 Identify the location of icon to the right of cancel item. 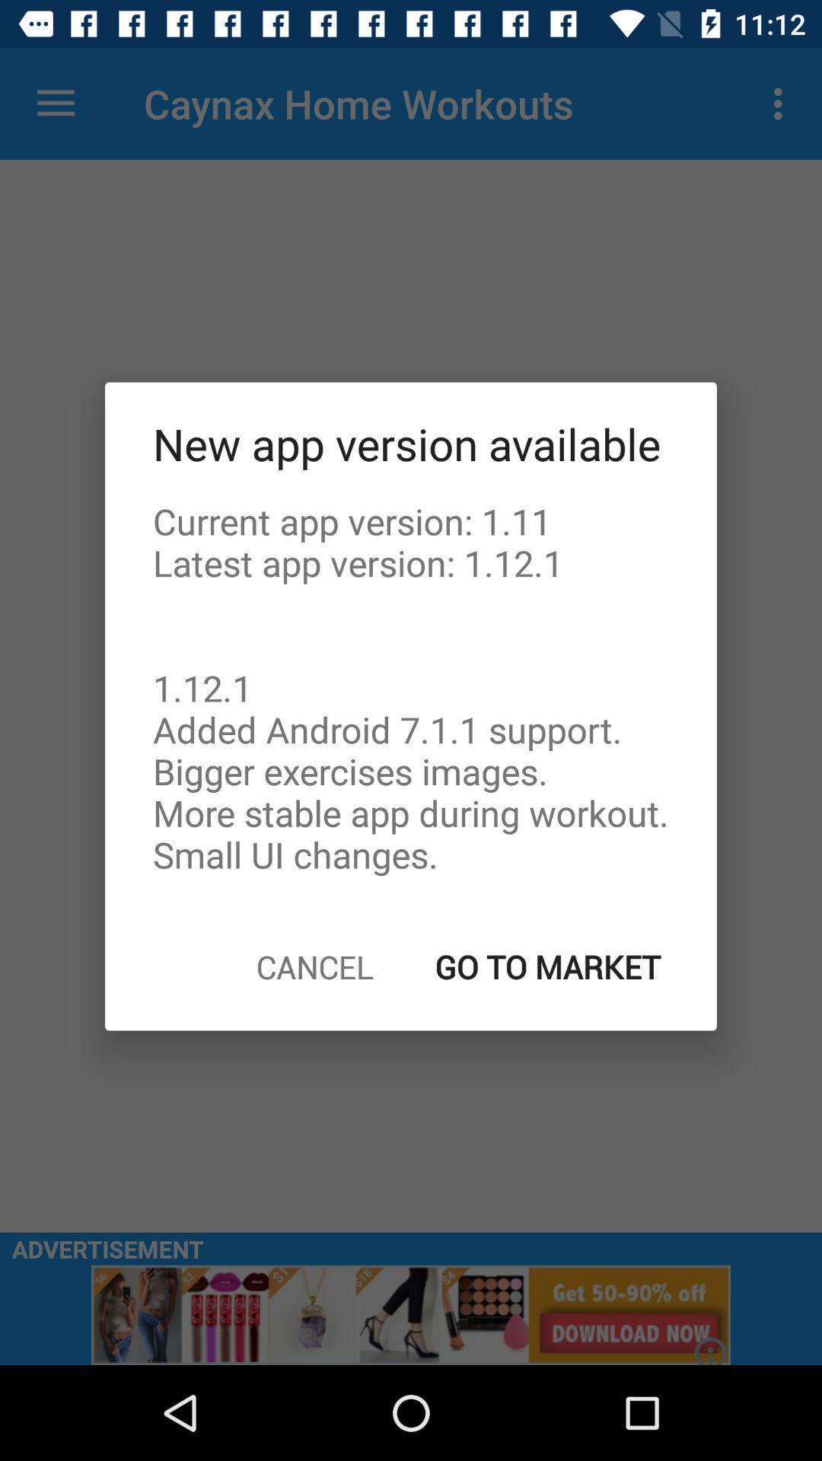
(548, 966).